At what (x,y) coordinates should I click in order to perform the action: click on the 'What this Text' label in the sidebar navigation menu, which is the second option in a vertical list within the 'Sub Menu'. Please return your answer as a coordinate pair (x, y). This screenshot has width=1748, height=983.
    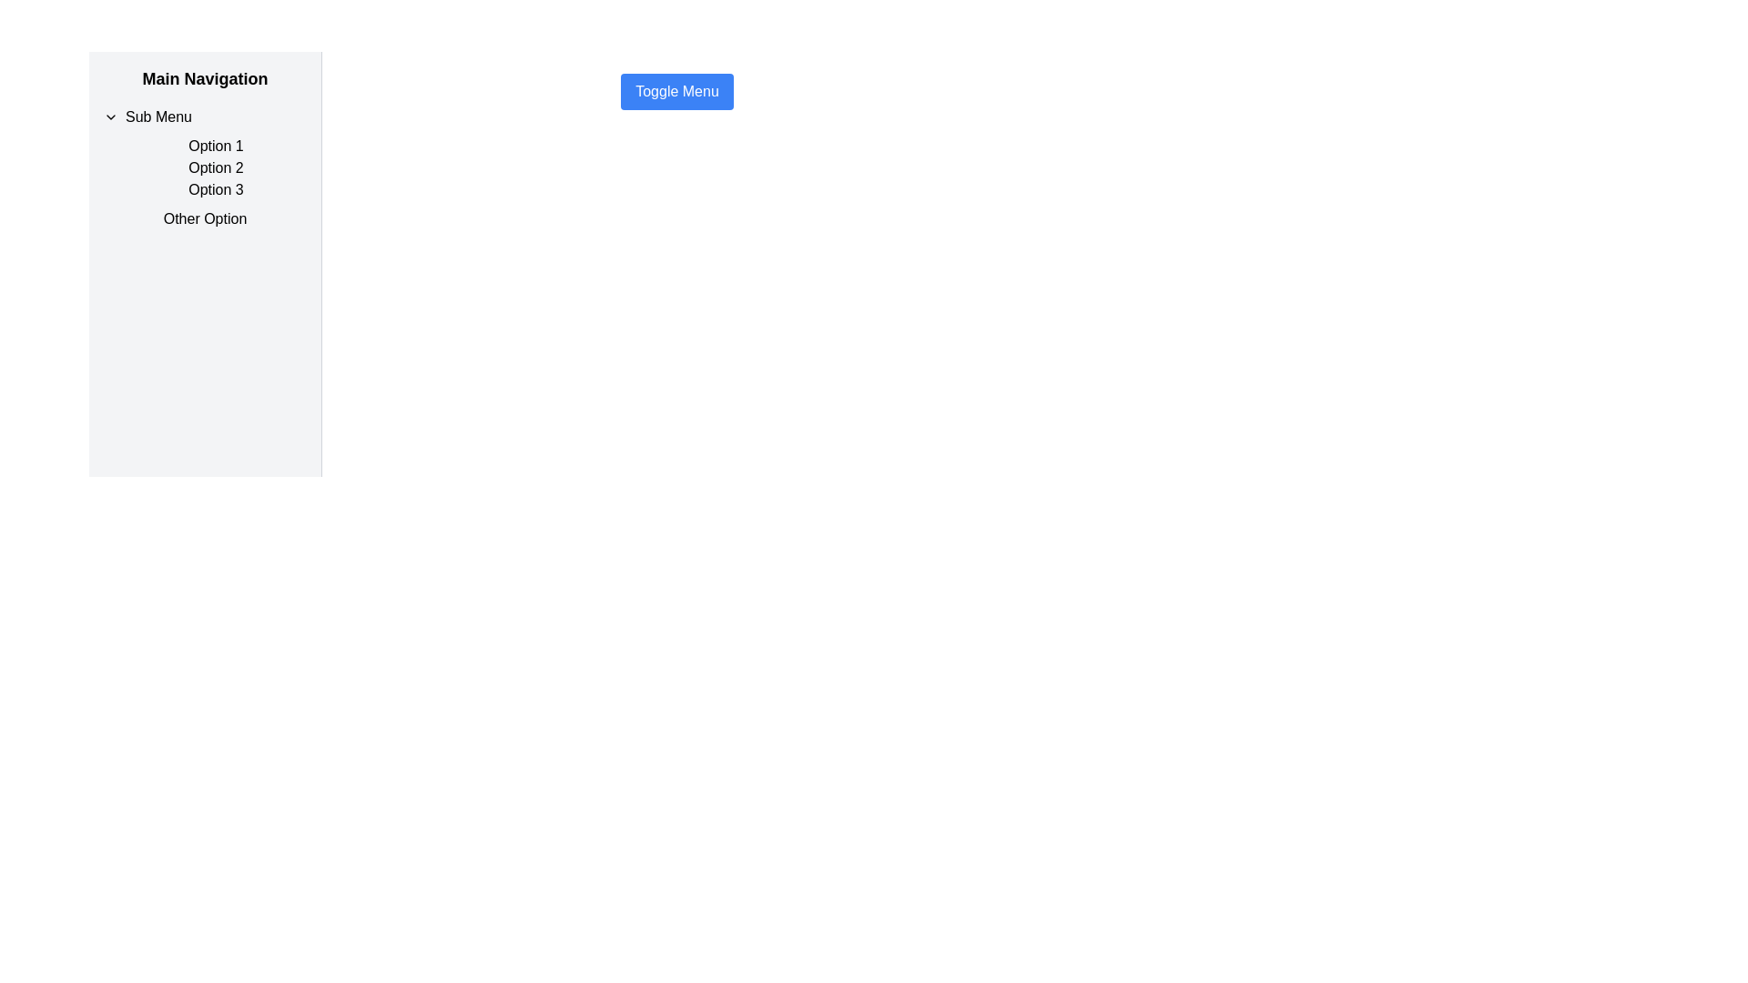
    Looking at the image, I should click on (216, 168).